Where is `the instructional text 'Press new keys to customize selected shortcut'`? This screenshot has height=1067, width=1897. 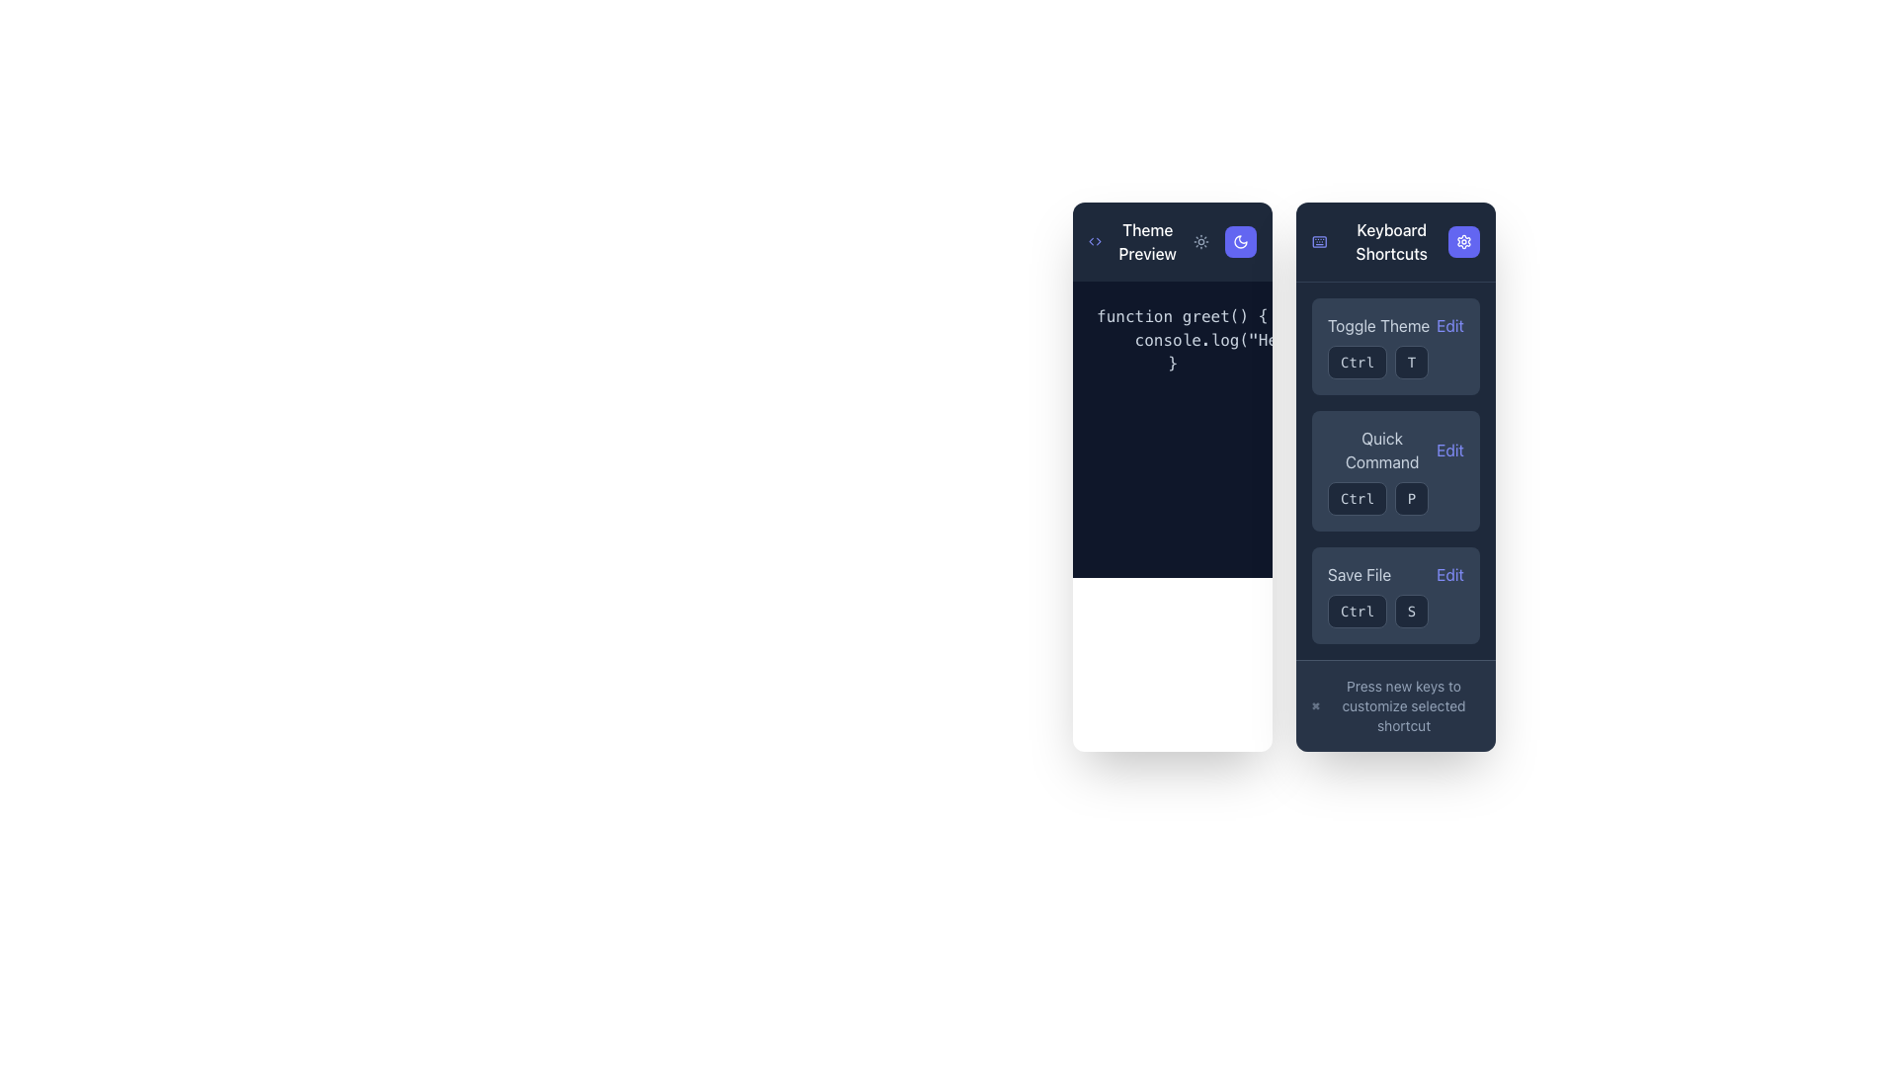
the instructional text 'Press new keys to customize selected shortcut' is located at coordinates (1394, 704).